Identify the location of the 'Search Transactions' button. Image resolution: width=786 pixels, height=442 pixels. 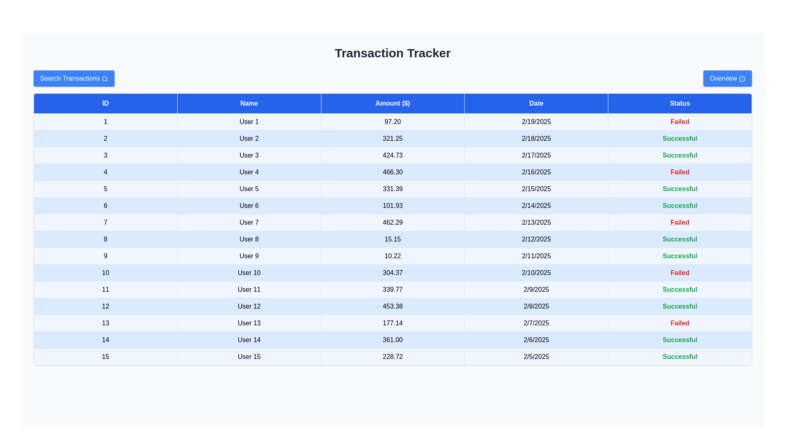
(74, 79).